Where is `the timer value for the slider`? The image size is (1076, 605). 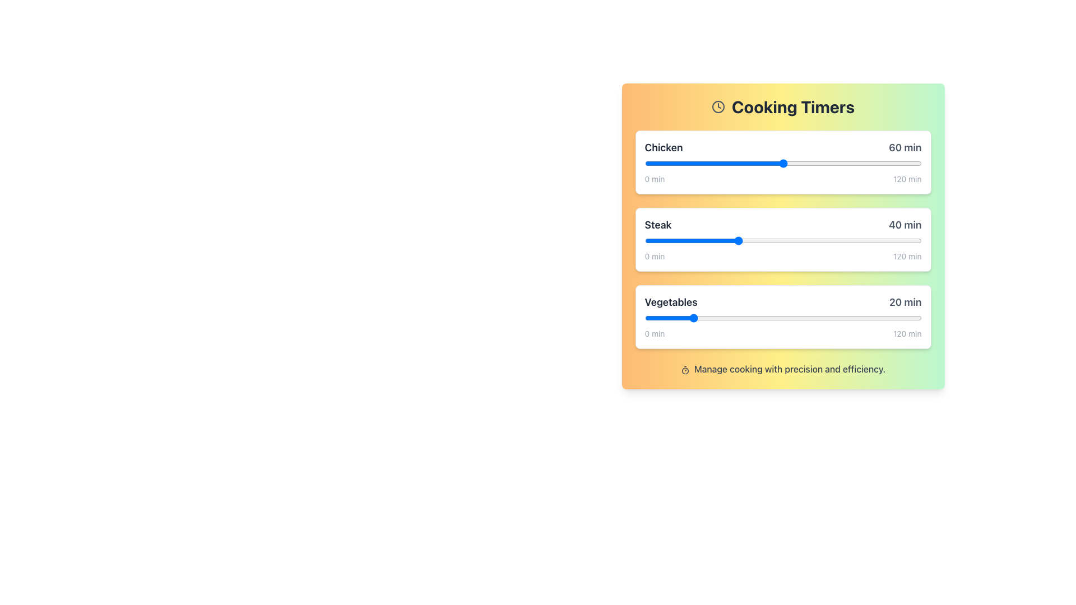 the timer value for the slider is located at coordinates (702, 240).